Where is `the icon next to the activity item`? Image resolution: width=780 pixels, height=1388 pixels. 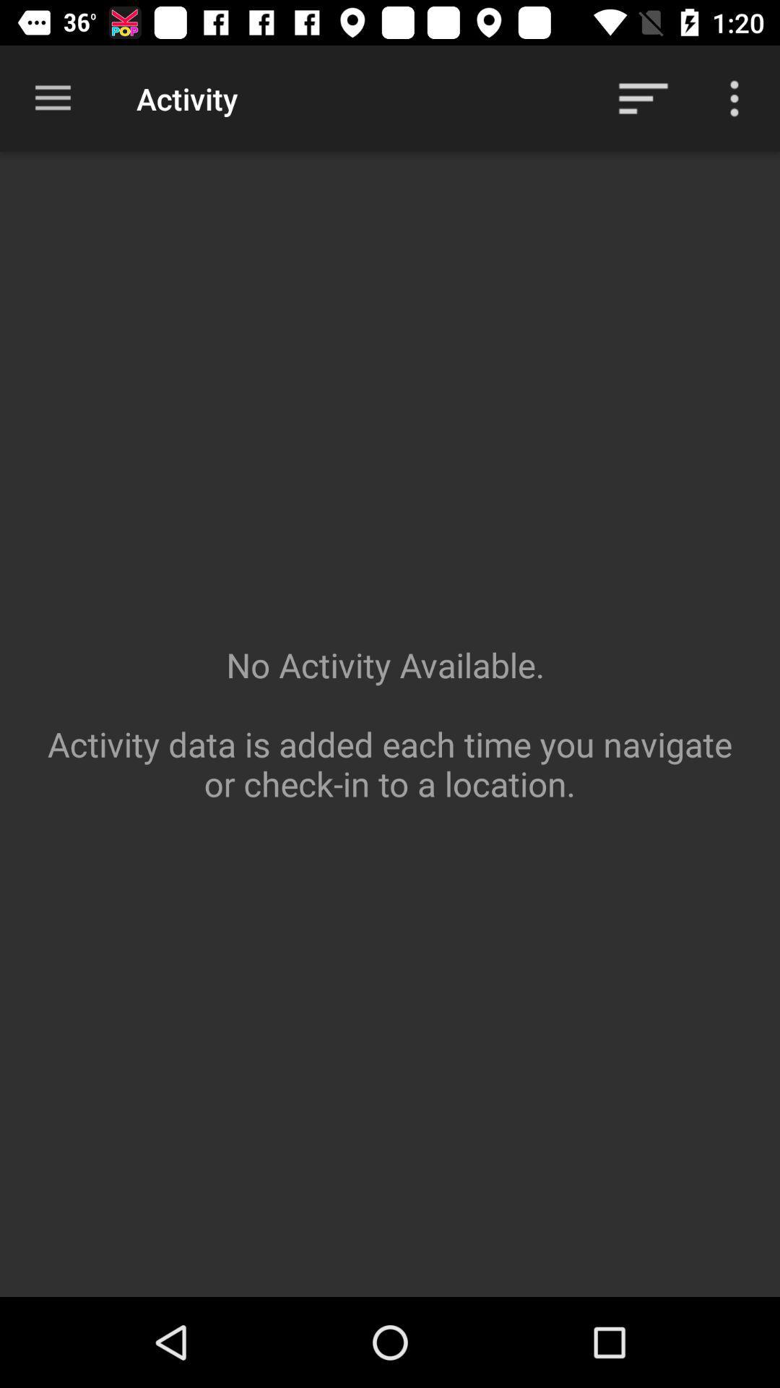
the icon next to the activity item is located at coordinates (643, 98).